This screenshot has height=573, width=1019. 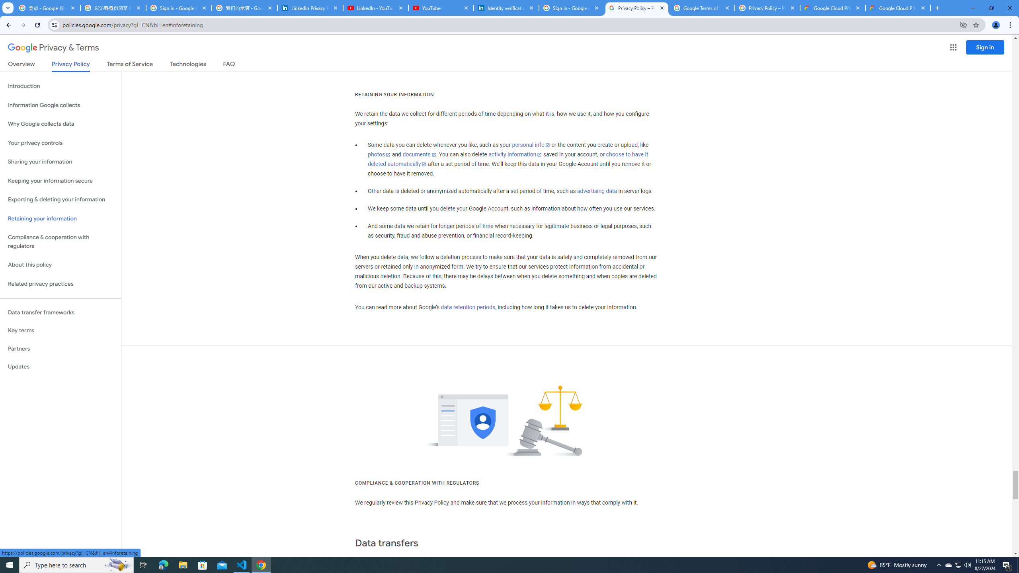 I want to click on 'Your privacy controls', so click(x=60, y=143).